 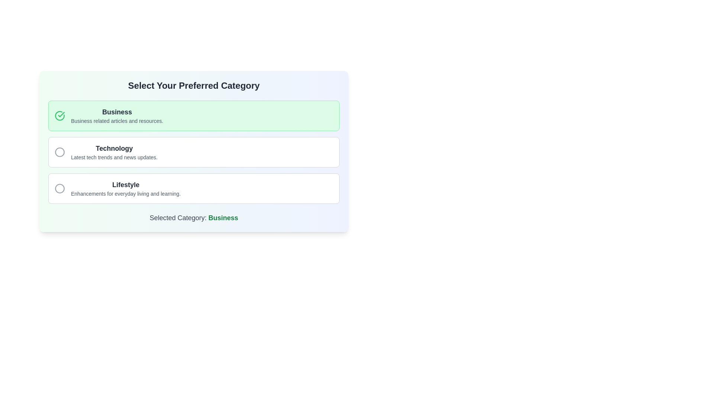 What do you see at coordinates (60, 188) in the screenshot?
I see `the graphical circular component of the radio button representing the 'Lifestyle' option in the category selection group` at bounding box center [60, 188].